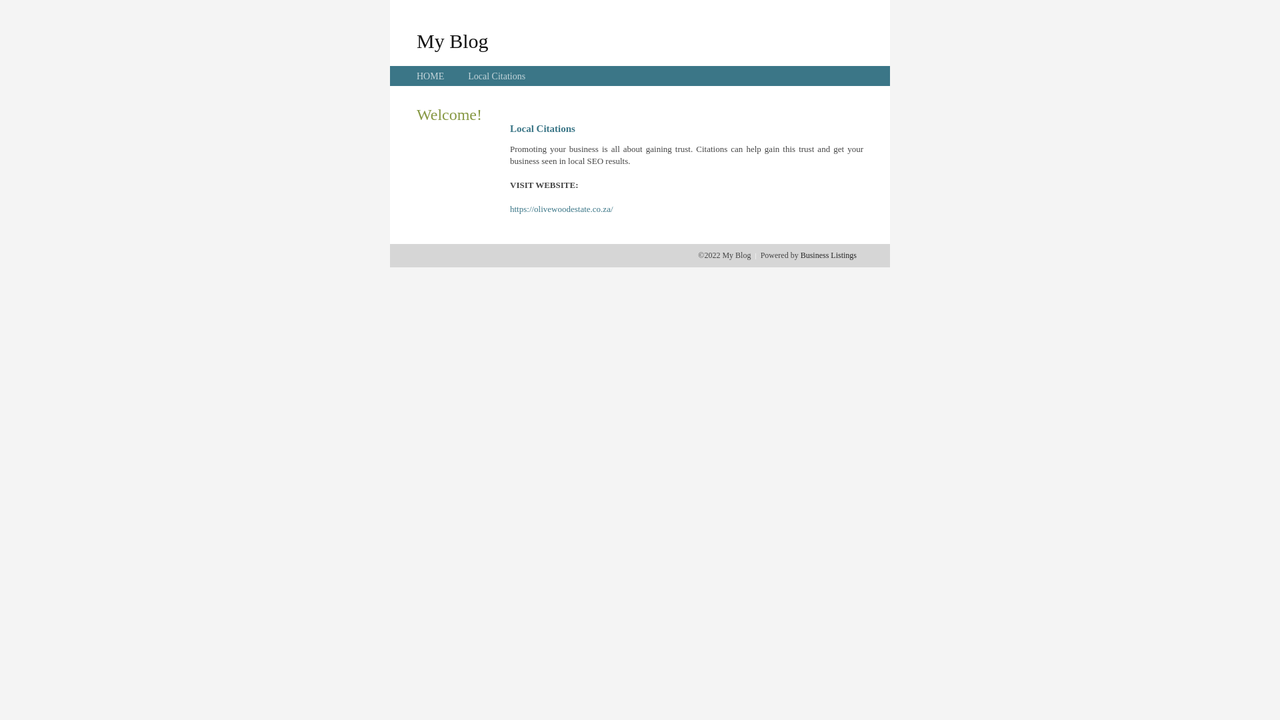 Image resolution: width=1280 pixels, height=720 pixels. Describe the element at coordinates (430, 76) in the screenshot. I see `'HOME'` at that location.